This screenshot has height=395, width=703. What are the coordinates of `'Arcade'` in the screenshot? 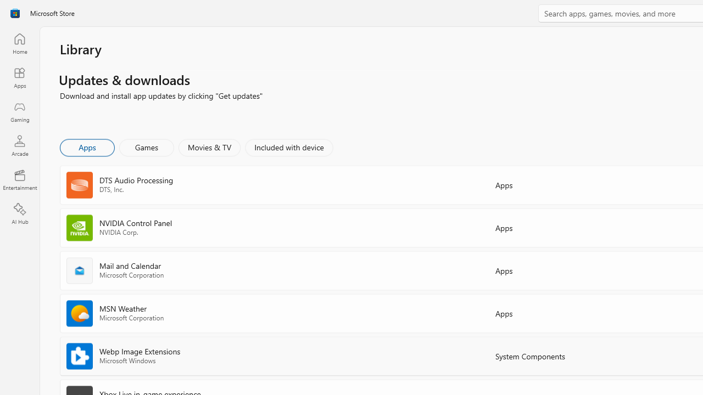 It's located at (19, 145).